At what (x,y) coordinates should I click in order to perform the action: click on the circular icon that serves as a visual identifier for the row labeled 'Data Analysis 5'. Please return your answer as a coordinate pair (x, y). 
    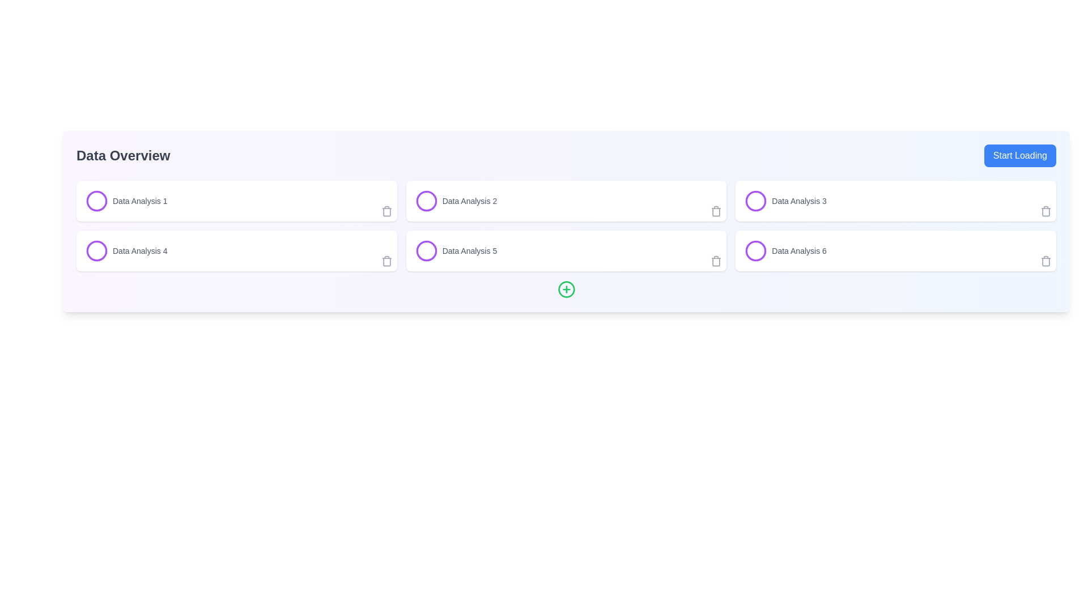
    Looking at the image, I should click on (426, 250).